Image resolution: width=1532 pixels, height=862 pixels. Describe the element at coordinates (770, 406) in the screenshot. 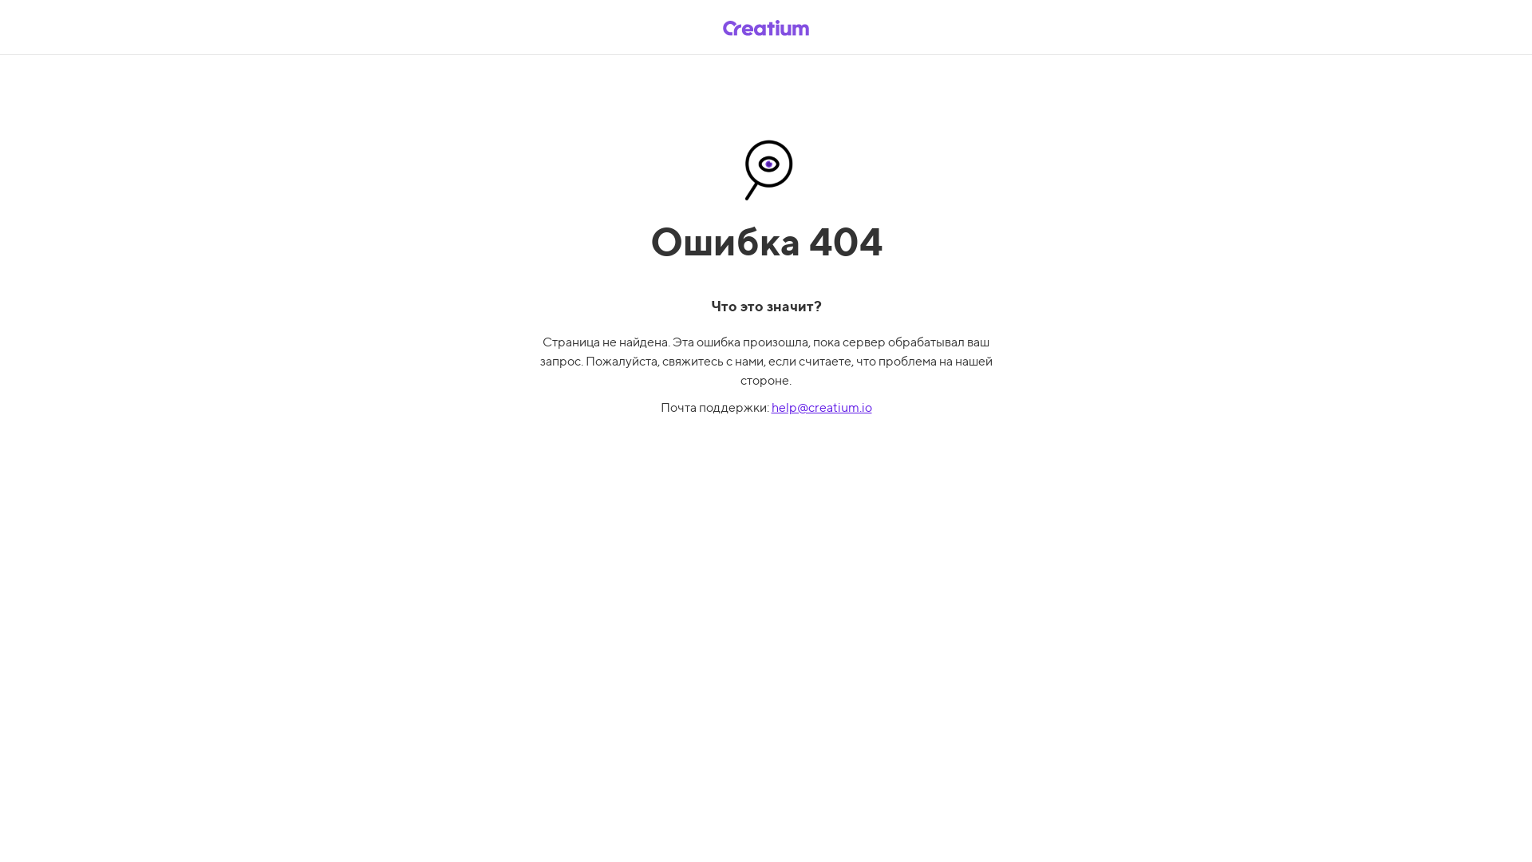

I see `'help@creatium.io'` at that location.